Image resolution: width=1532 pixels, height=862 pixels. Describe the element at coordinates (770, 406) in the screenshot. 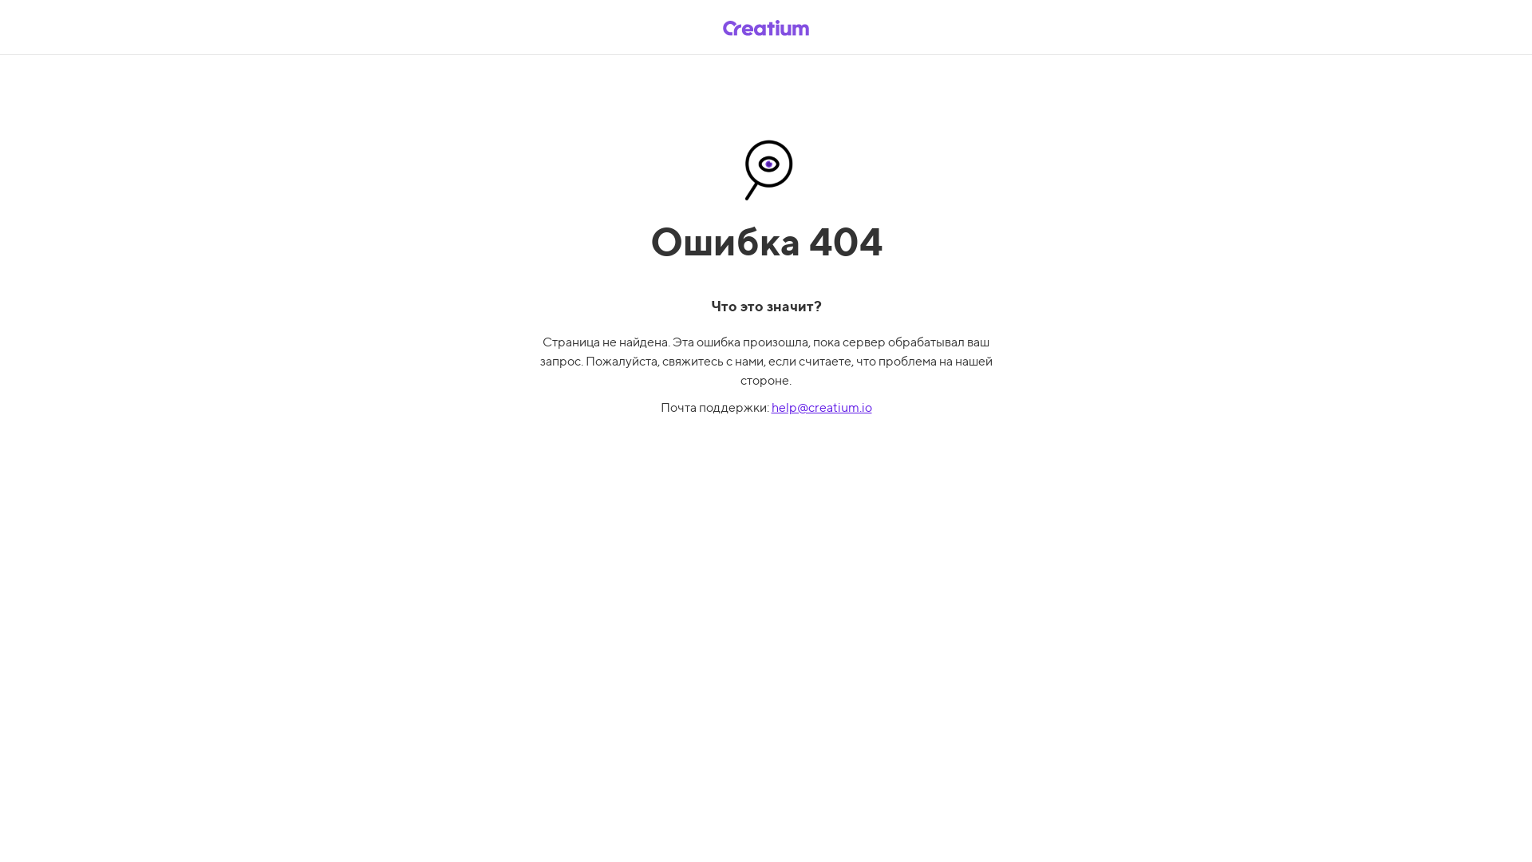

I see `'help@creatium.io'` at that location.